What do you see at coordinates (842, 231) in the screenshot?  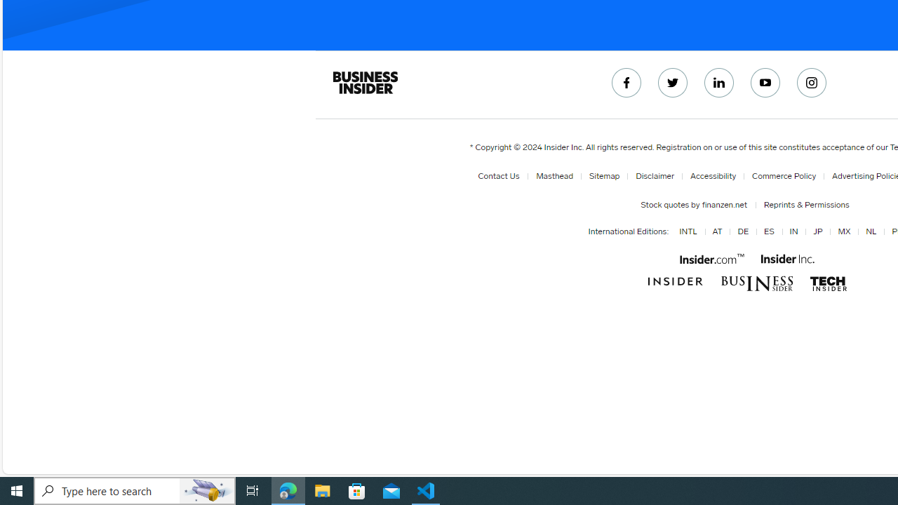 I see `'MX'` at bounding box center [842, 231].